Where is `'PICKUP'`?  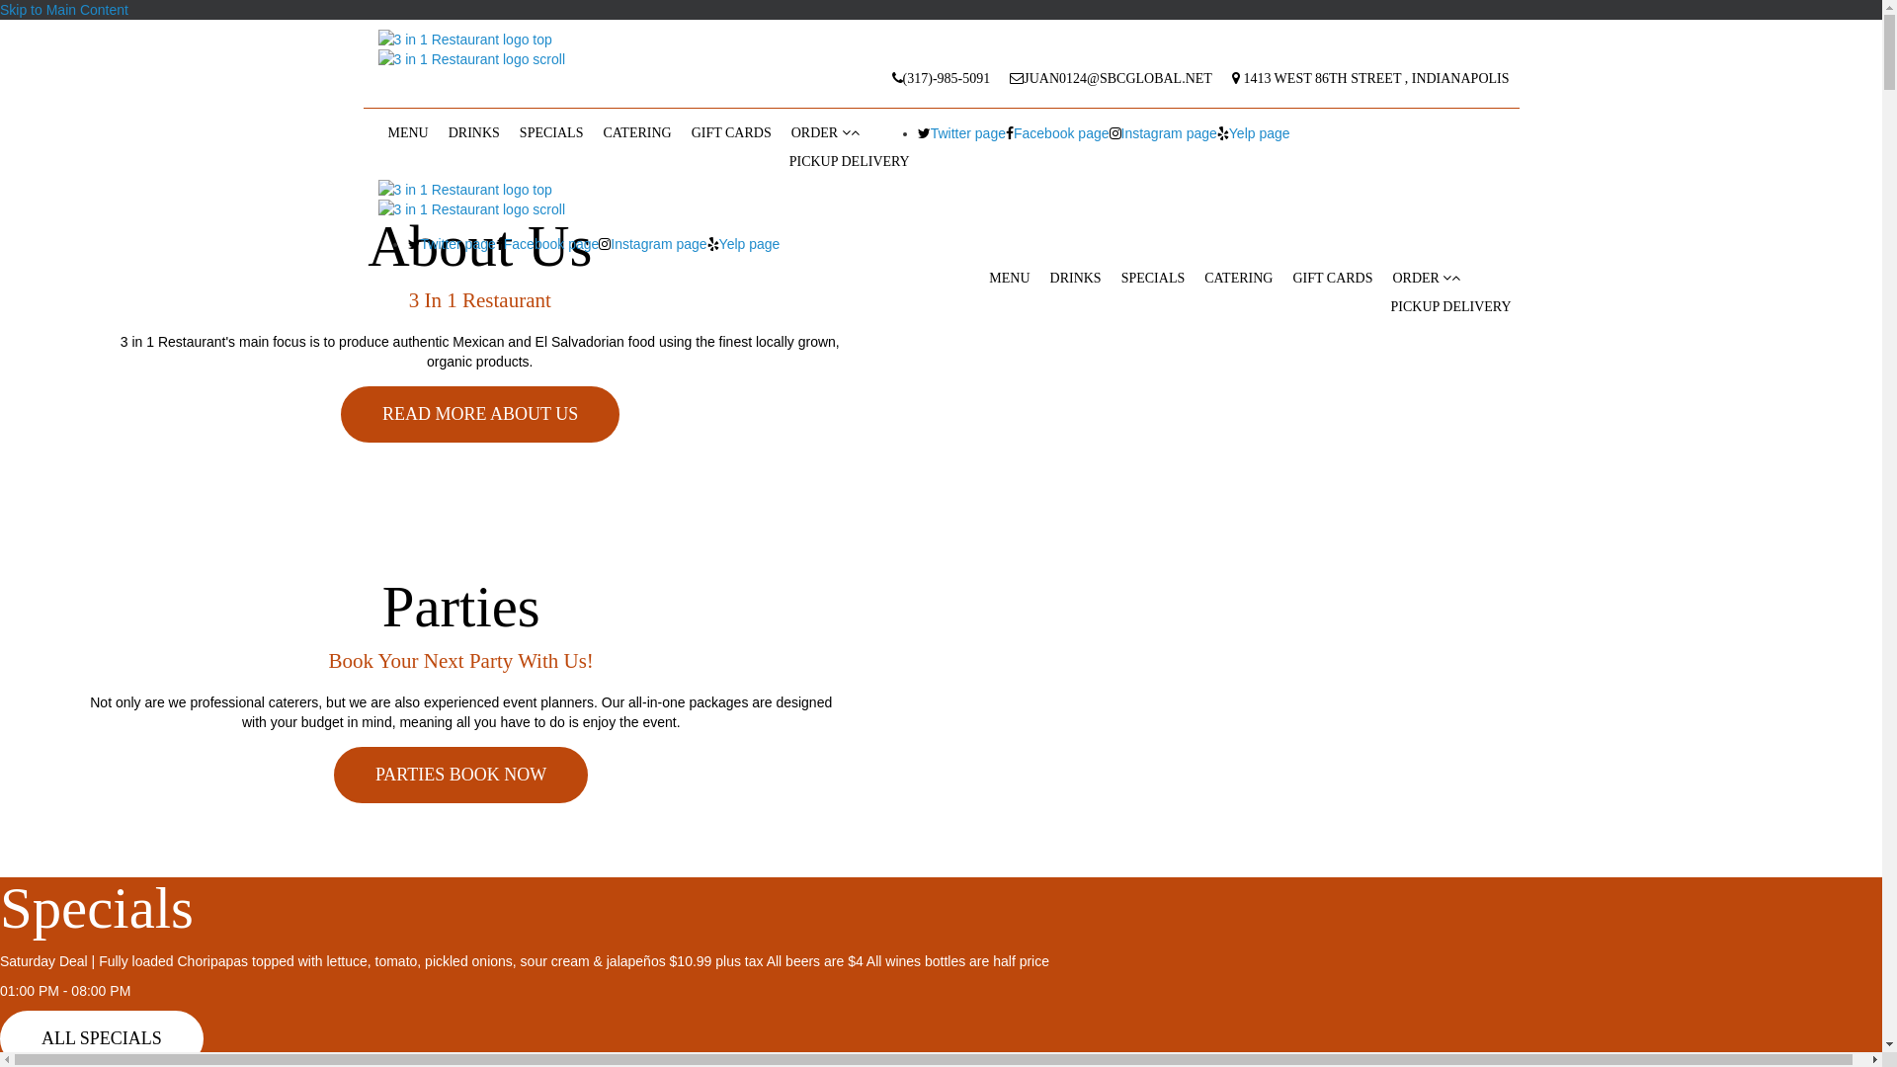 'PICKUP' is located at coordinates (815, 160).